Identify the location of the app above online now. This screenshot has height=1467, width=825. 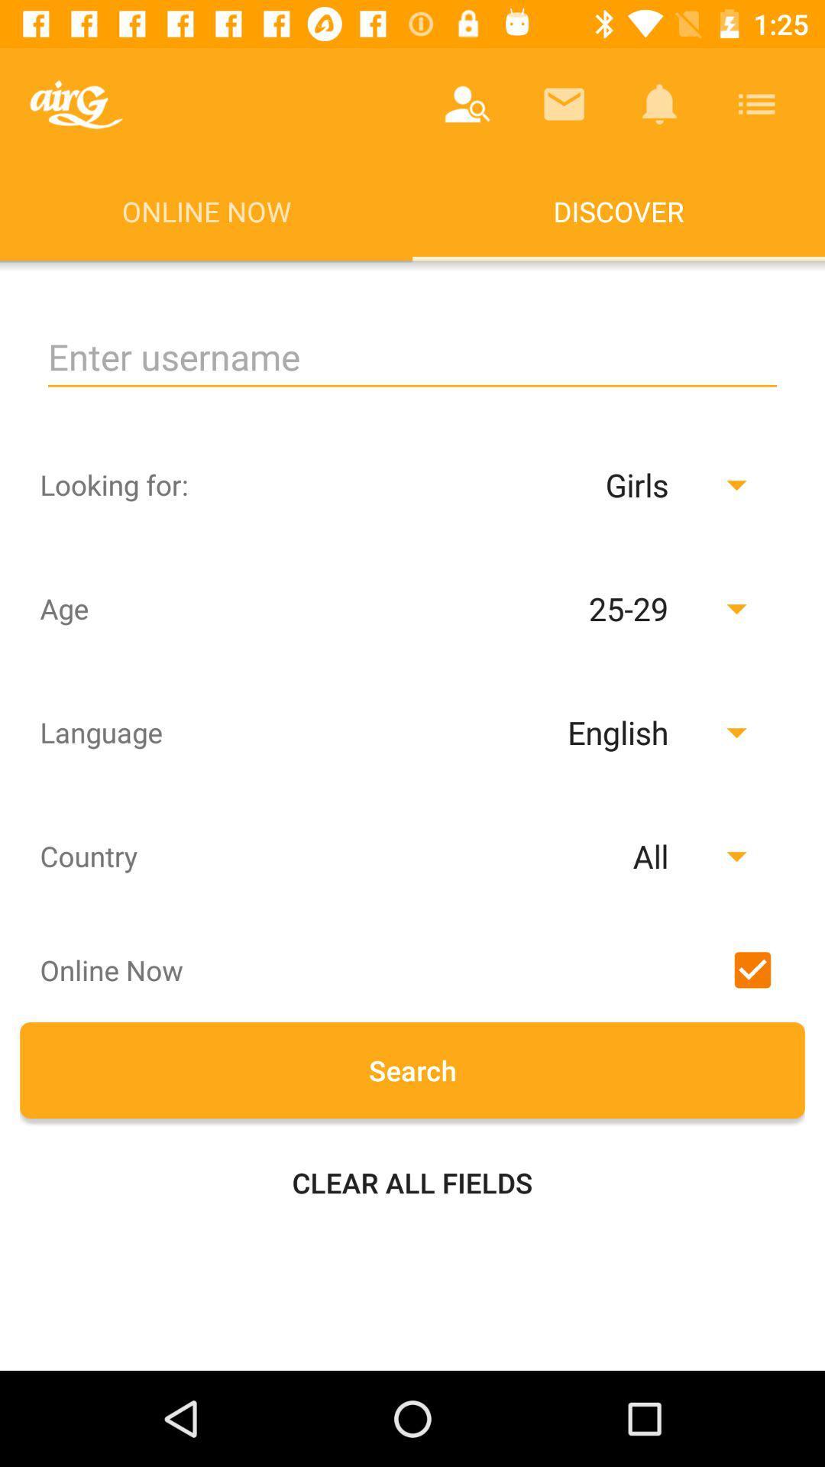
(467, 103).